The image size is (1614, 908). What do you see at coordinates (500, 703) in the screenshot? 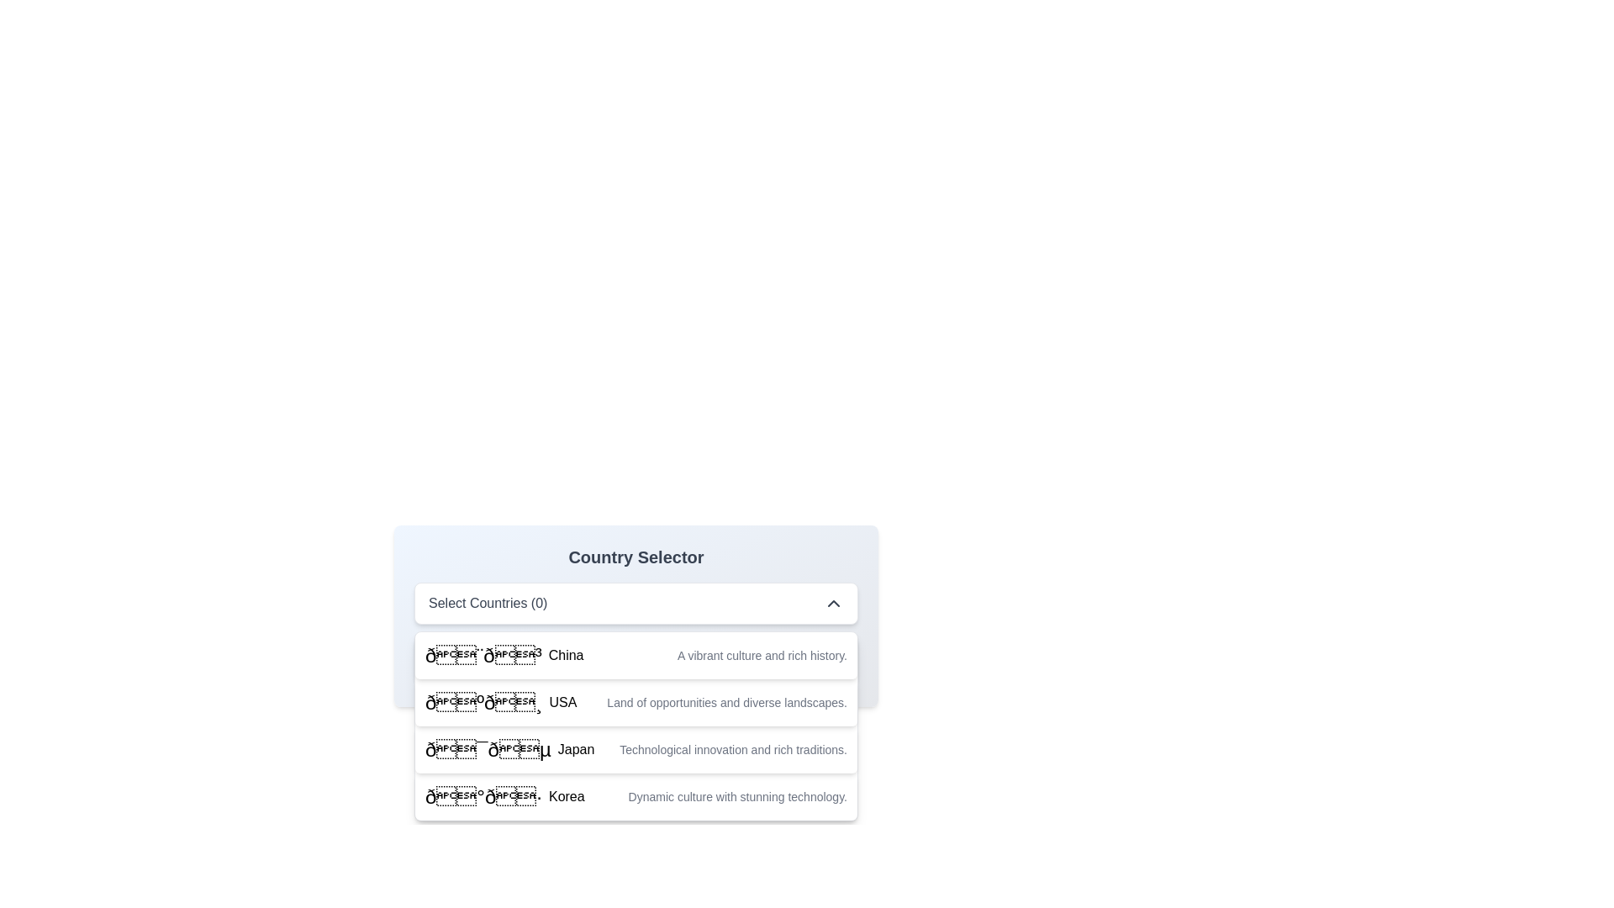
I see `the second item in the dropdown menu displaying the flag emoji and the text 'USA'` at bounding box center [500, 703].